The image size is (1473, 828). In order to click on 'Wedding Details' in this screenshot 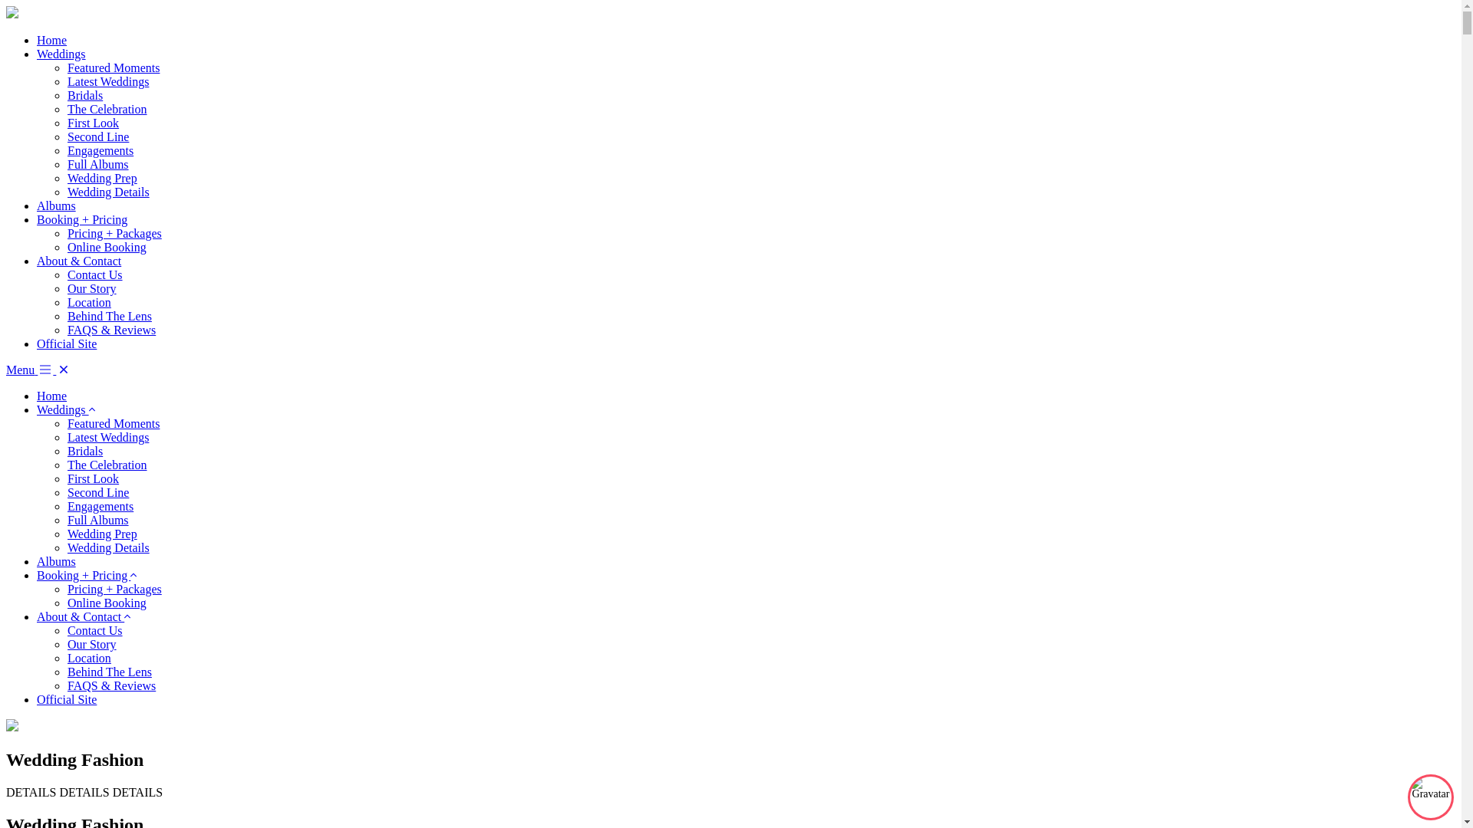, I will do `click(66, 191)`.